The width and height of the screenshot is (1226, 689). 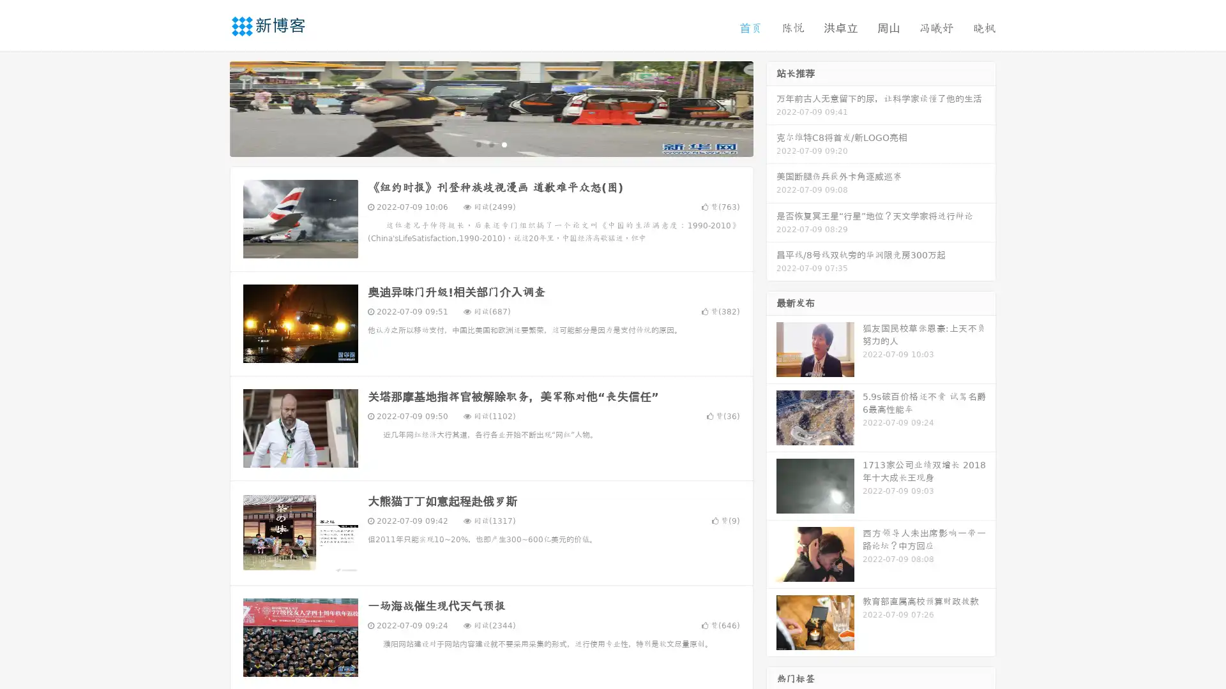 What do you see at coordinates (211, 107) in the screenshot?
I see `Previous slide` at bounding box center [211, 107].